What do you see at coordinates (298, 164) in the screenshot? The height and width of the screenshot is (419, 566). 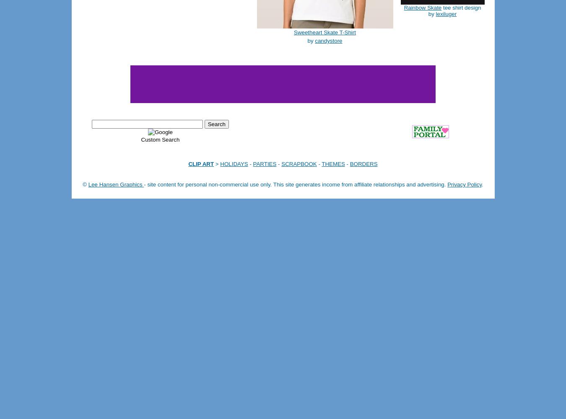 I see `'SCRAPBOOK'` at bounding box center [298, 164].